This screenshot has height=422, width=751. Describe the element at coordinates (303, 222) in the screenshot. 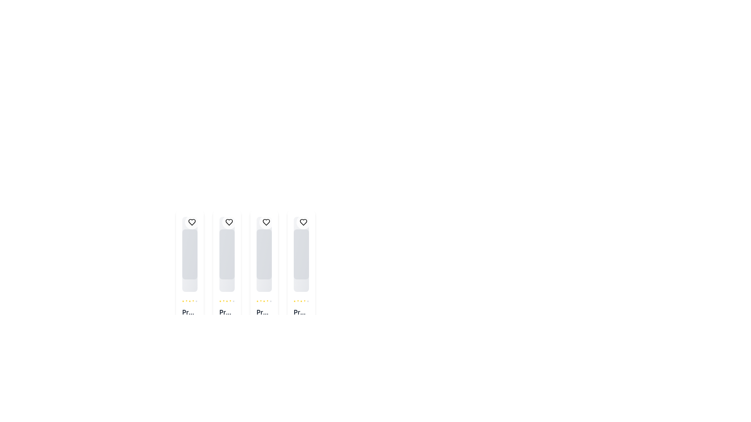

I see `the fourth heart icon in the row` at that location.